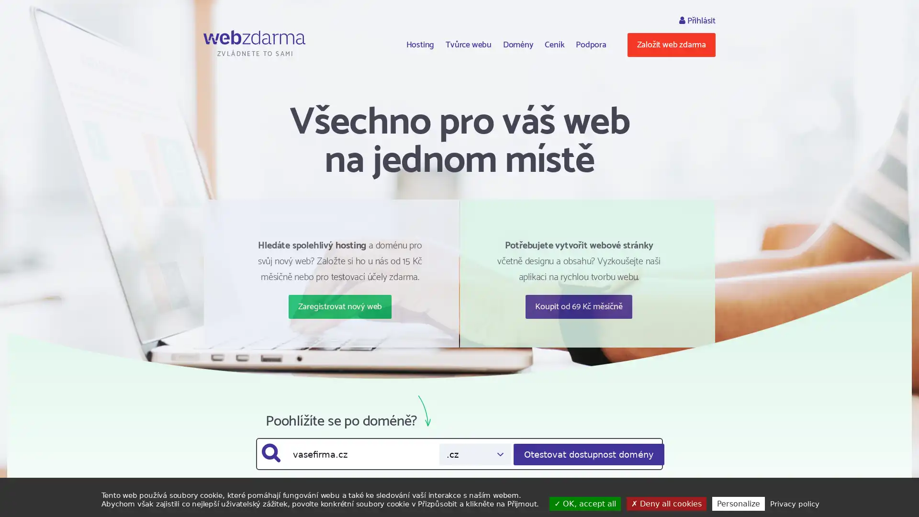 Image resolution: width=919 pixels, height=517 pixels. What do you see at coordinates (588, 454) in the screenshot?
I see `Otestovat dostupnost domeny` at bounding box center [588, 454].